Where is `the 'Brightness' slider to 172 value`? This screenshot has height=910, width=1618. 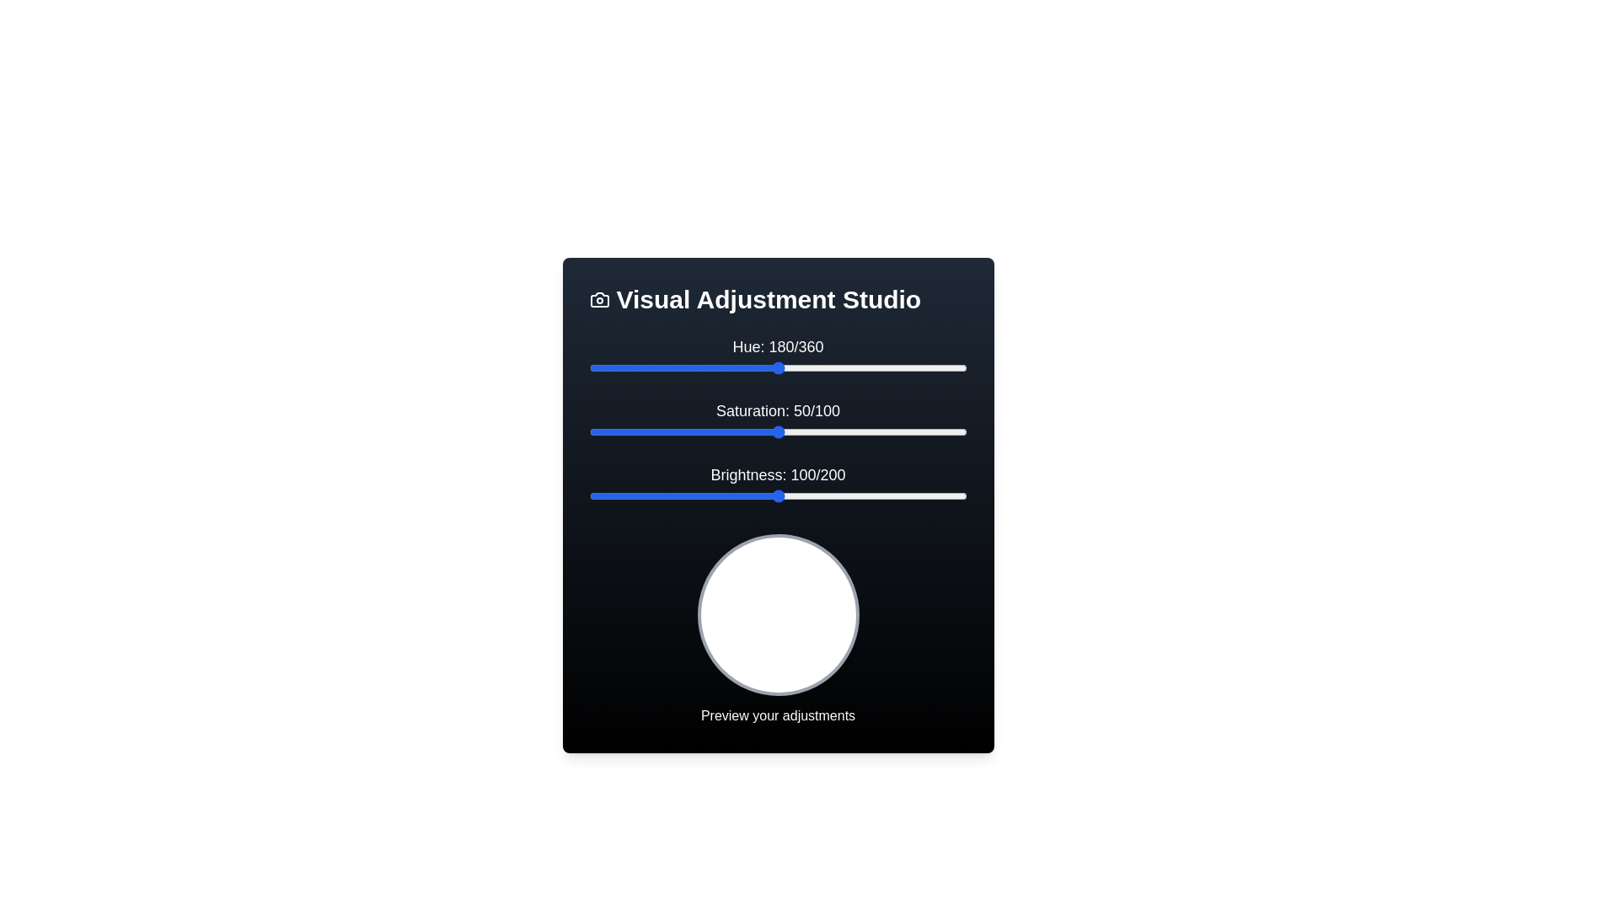 the 'Brightness' slider to 172 value is located at coordinates (913, 495).